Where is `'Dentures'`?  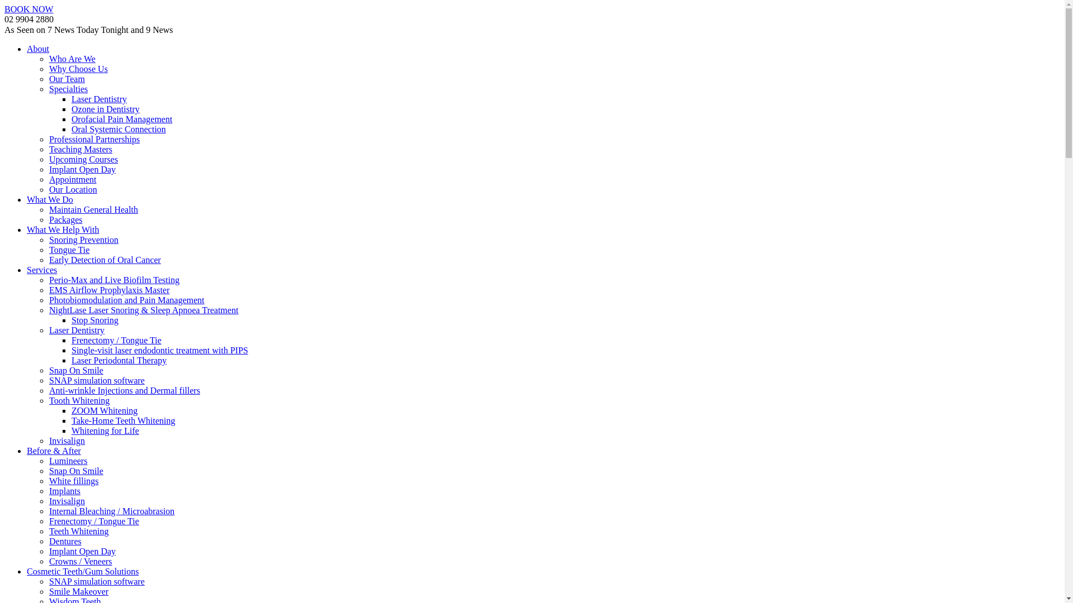
'Dentures' is located at coordinates (64, 540).